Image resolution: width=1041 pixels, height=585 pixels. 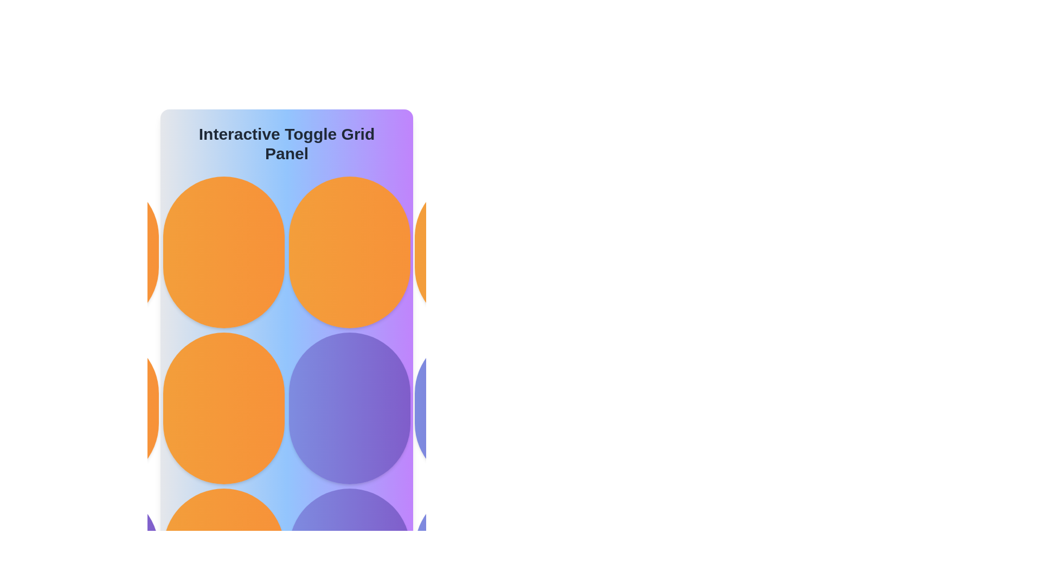 I want to click on the heading text of the component, so click(x=286, y=144).